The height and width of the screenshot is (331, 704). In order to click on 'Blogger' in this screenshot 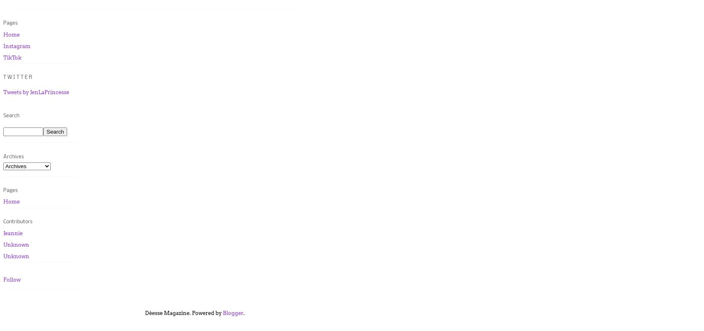, I will do `click(222, 312)`.